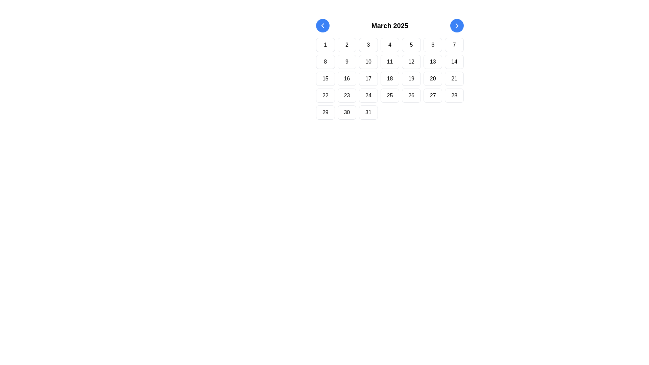 This screenshot has height=365, width=649. I want to click on the square button with rounded corners displaying the number '16' in a bold black font, which is located in the third row and second column of the grid, so click(347, 78).